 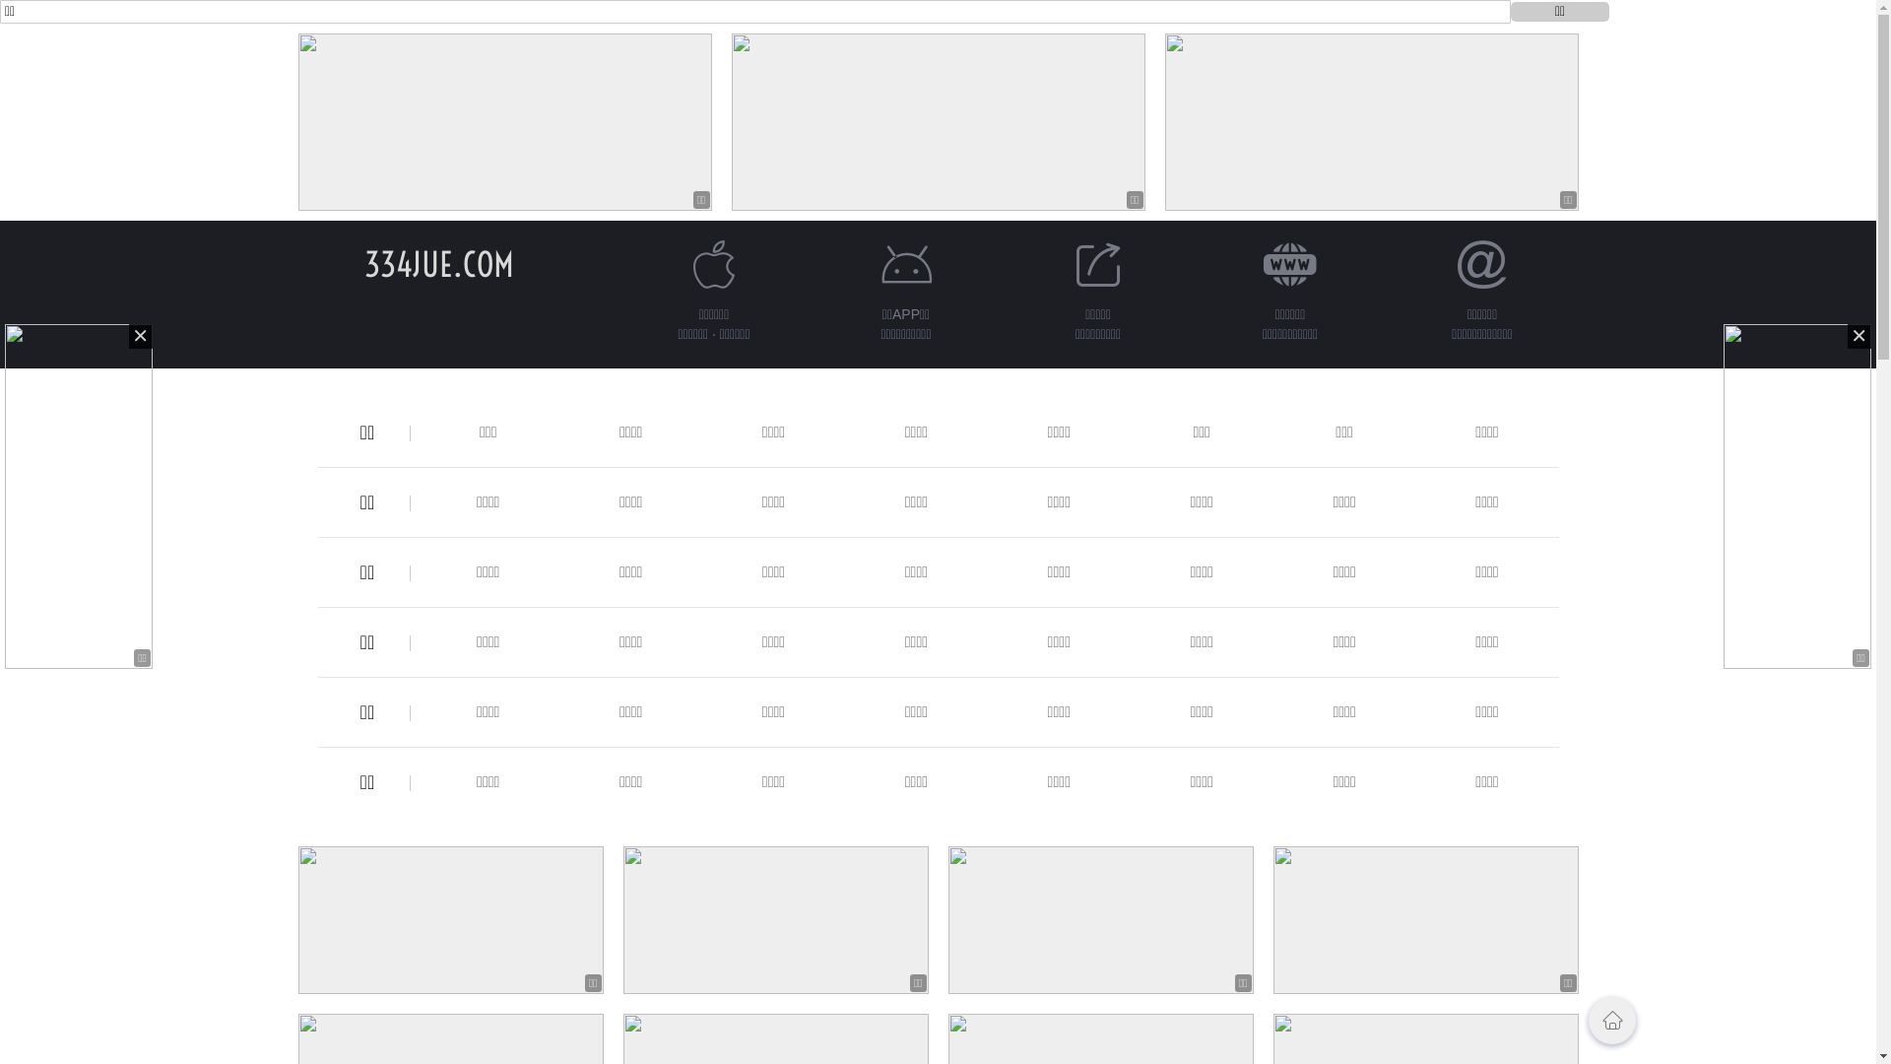 I want to click on '334JUE.COM', so click(x=438, y=263).